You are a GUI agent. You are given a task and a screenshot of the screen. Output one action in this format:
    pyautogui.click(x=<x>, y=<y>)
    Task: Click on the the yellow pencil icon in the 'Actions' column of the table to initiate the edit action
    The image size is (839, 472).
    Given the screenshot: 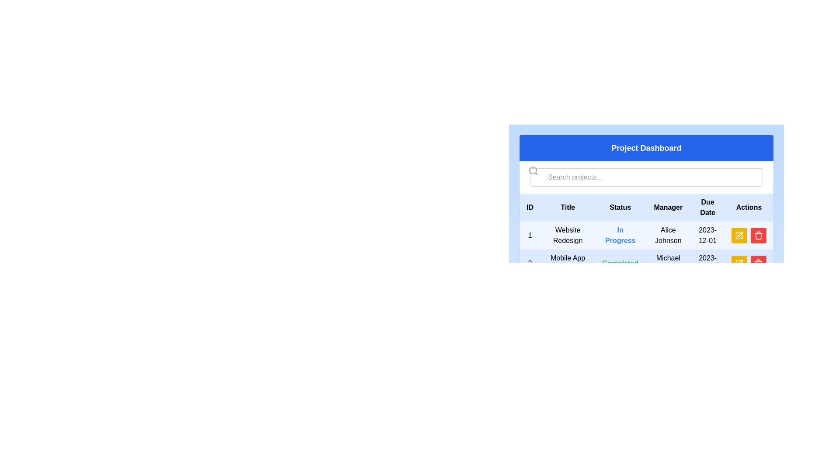 What is the action you would take?
    pyautogui.click(x=740, y=262)
    